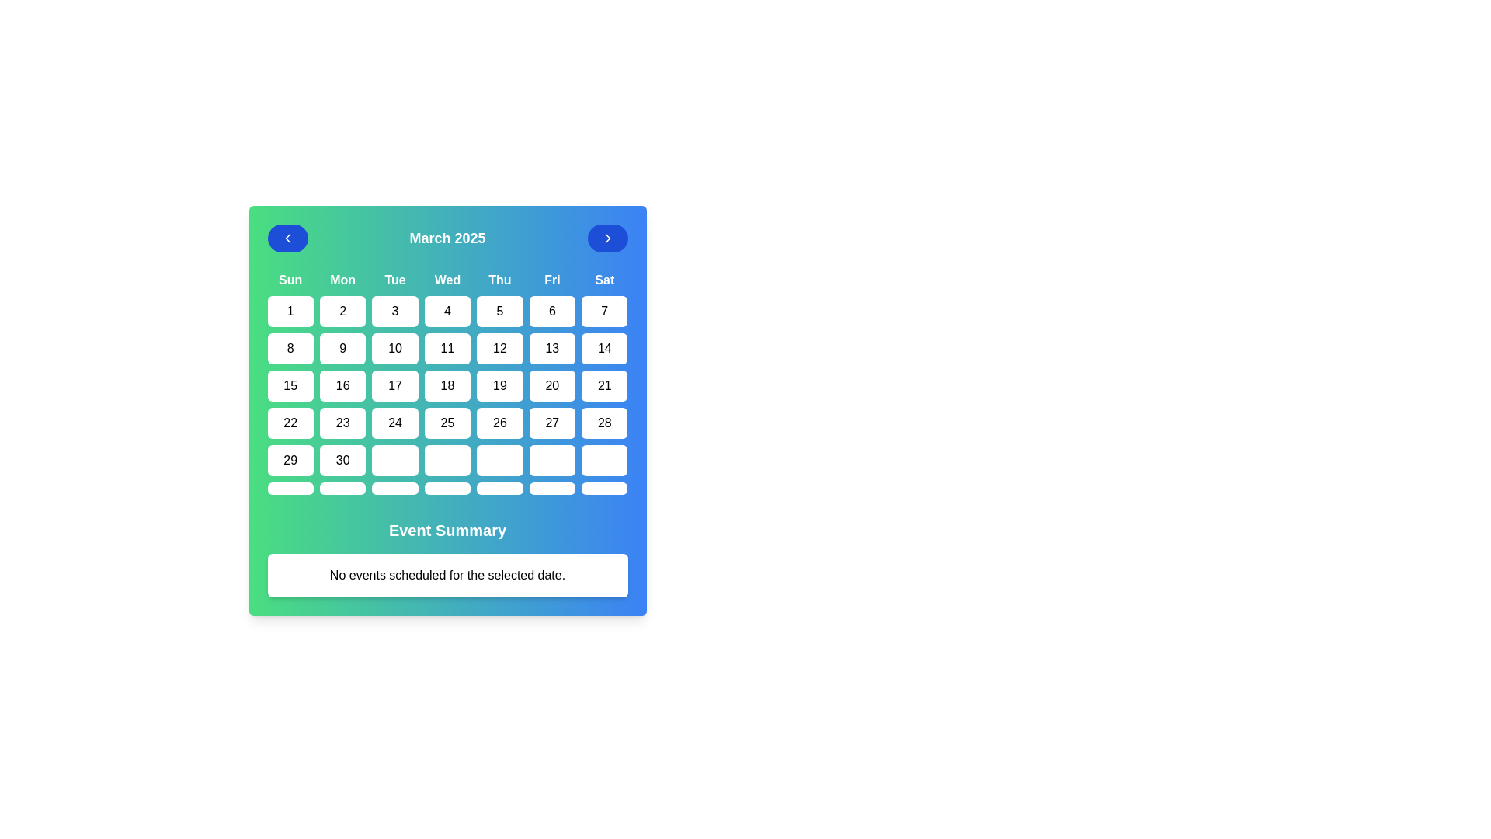 The height and width of the screenshot is (839, 1491). What do you see at coordinates (342, 423) in the screenshot?
I see `the rounded rectangular button displaying the number '23'` at bounding box center [342, 423].